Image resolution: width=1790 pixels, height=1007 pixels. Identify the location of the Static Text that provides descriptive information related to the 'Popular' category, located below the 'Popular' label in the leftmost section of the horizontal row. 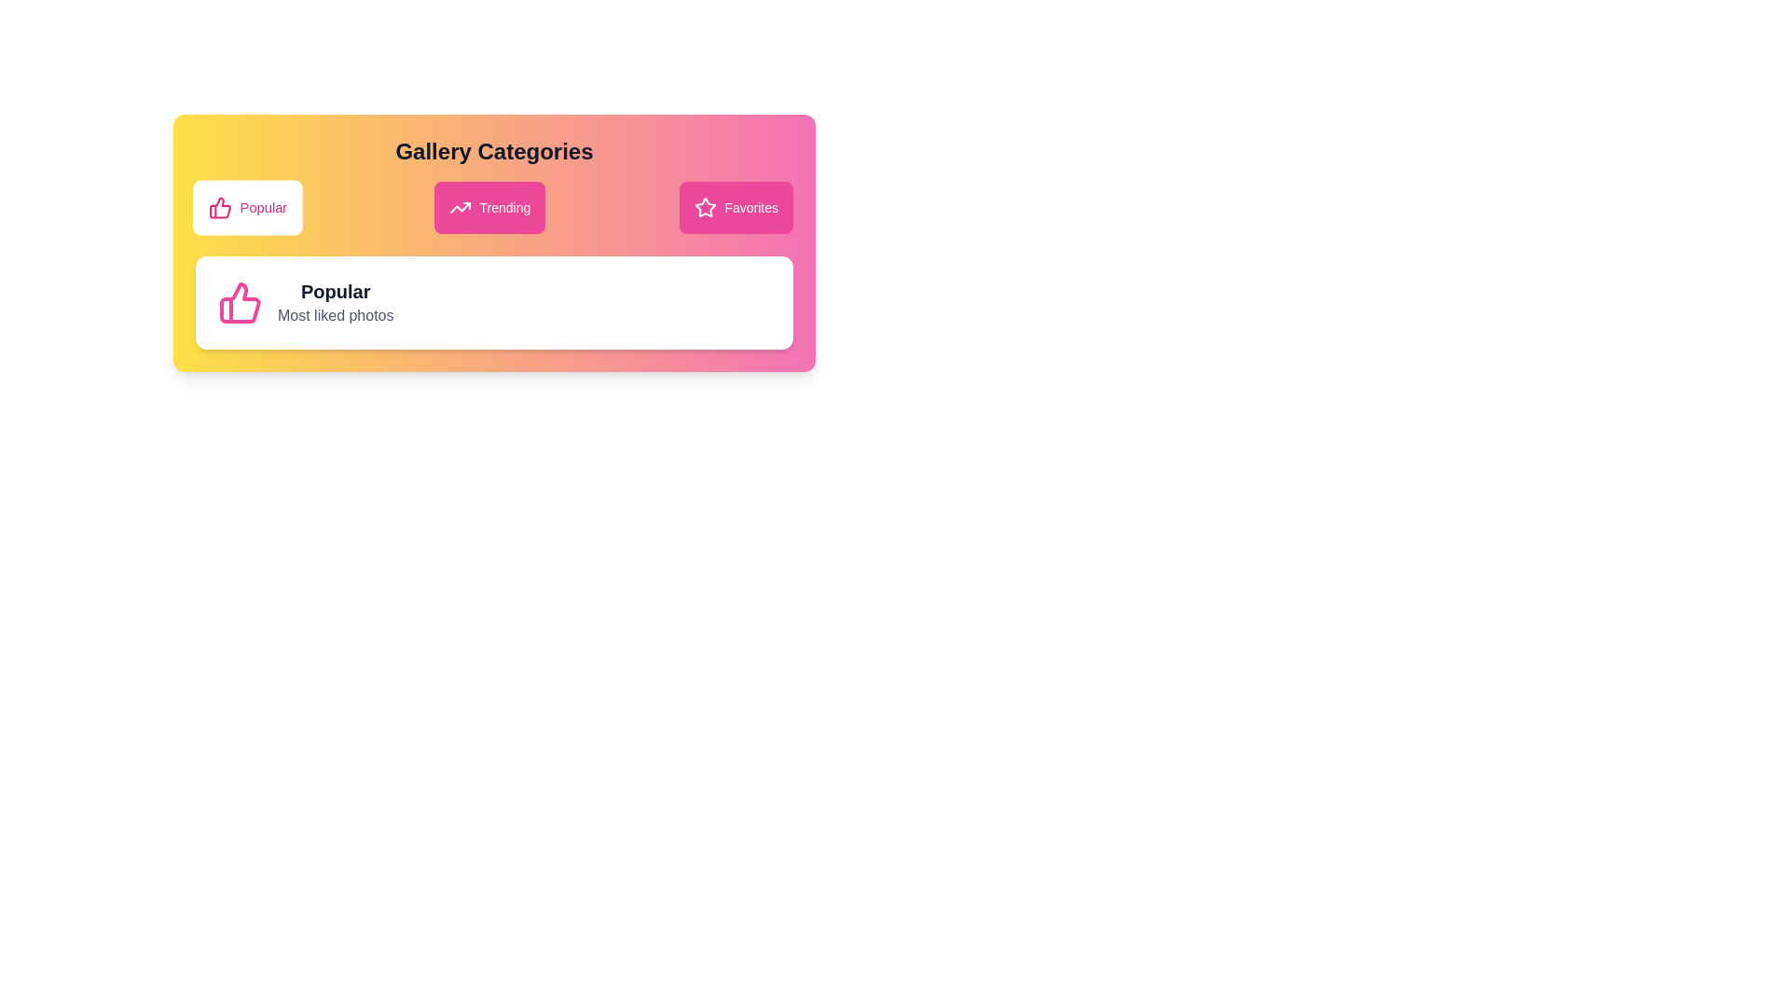
(336, 315).